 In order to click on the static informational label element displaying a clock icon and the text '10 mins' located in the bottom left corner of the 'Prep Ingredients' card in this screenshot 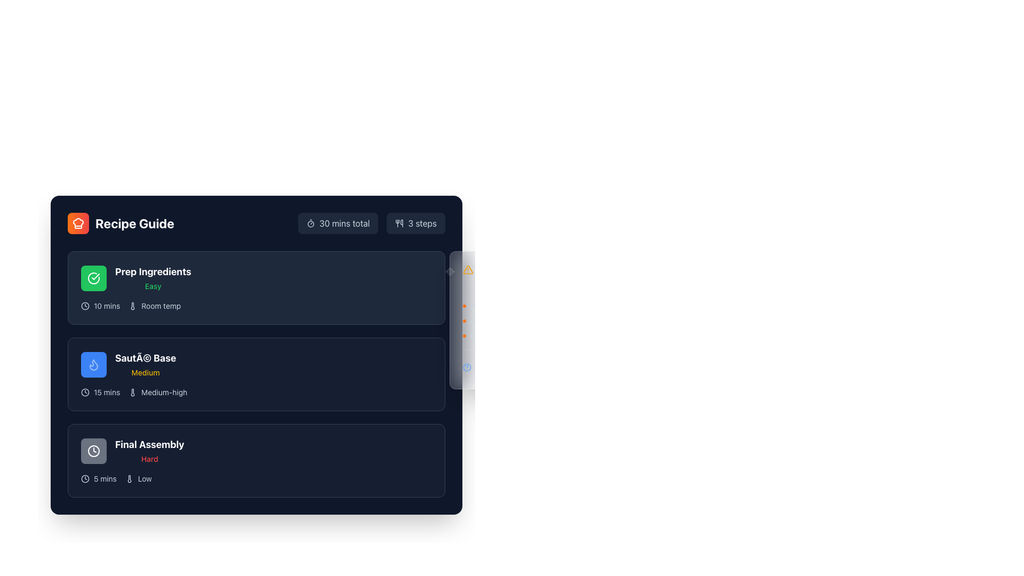, I will do `click(100, 306)`.